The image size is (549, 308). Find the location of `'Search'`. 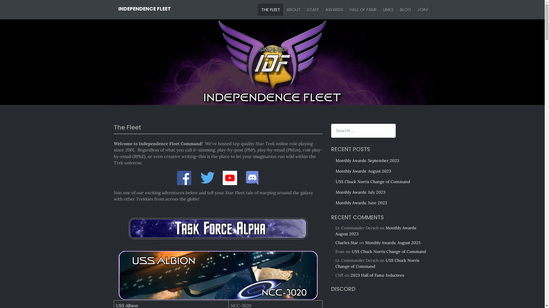

'Search' is located at coordinates (12, 7).